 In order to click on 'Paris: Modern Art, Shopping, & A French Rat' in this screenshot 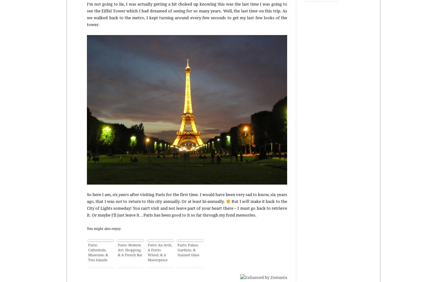, I will do `click(130, 250)`.